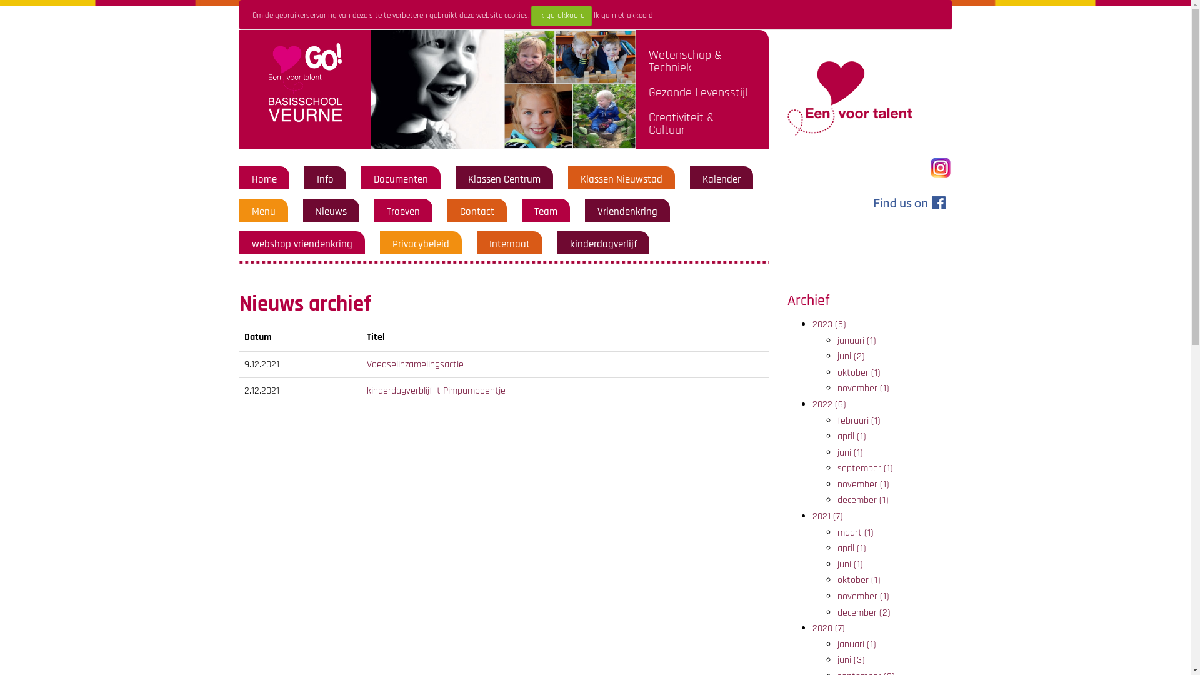  Describe the element at coordinates (837, 421) in the screenshot. I see `'februari (1)'` at that location.